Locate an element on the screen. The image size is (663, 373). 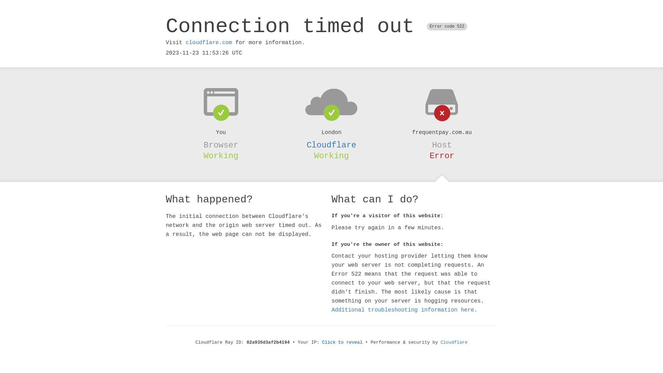
'Cloudflare' is located at coordinates (331, 145).